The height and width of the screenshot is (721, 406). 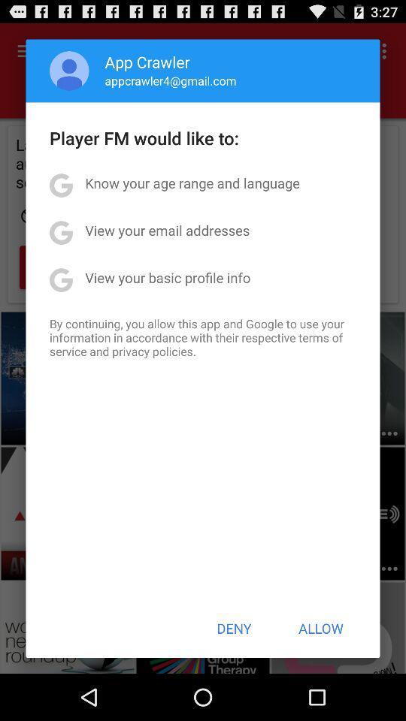 I want to click on item next to app crawler, so click(x=68, y=71).